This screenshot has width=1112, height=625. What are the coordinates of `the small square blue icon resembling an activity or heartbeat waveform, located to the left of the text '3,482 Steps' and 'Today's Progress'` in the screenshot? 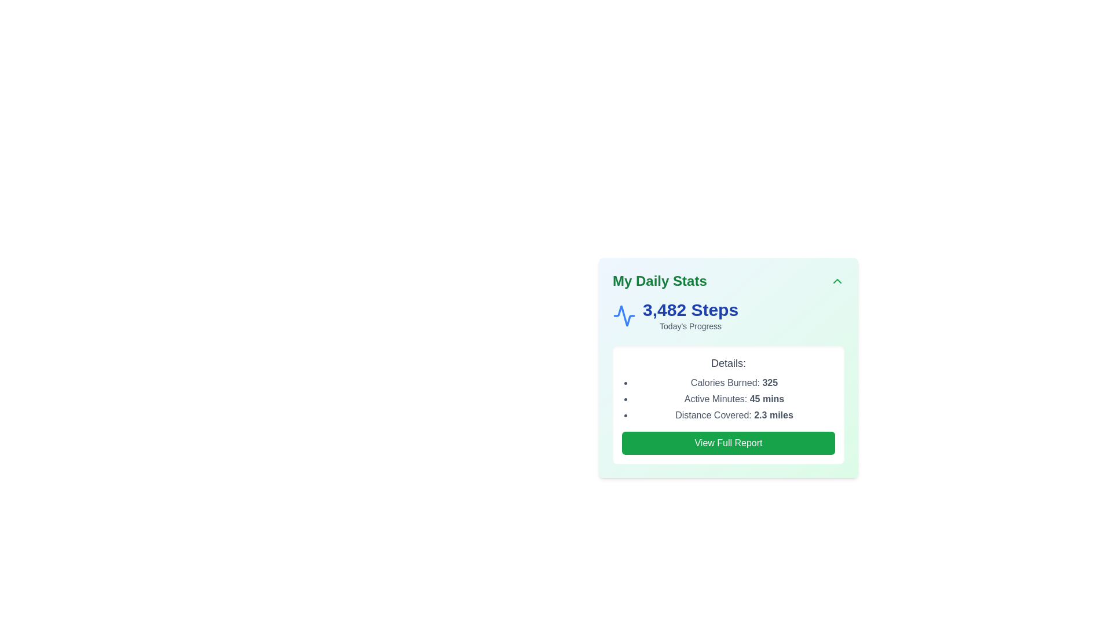 It's located at (624, 316).